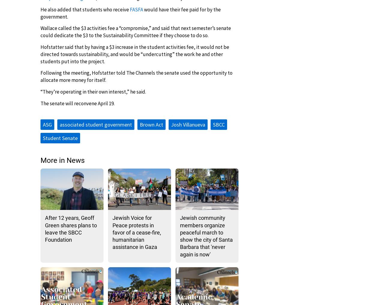 This screenshot has height=305, width=375. Describe the element at coordinates (130, 13) in the screenshot. I see `'would have their fee paid for by the government.'` at that location.